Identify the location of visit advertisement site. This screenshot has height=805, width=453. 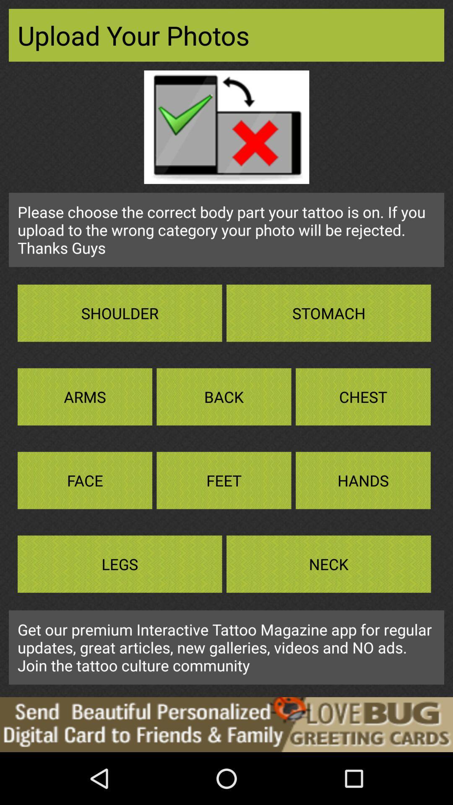
(226, 724).